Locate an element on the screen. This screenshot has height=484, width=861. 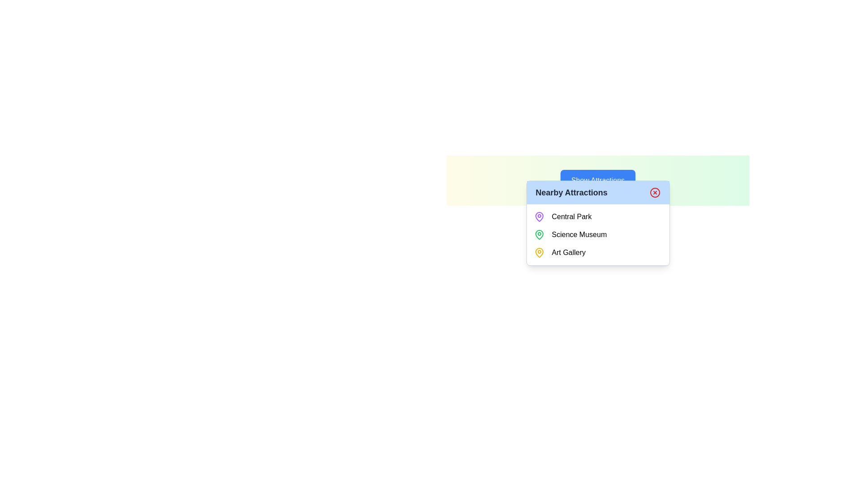
the text label displaying 'Art Gallery' in the 'Nearby Attractions' popup, which is the third item in a vertical list is located at coordinates (568, 252).